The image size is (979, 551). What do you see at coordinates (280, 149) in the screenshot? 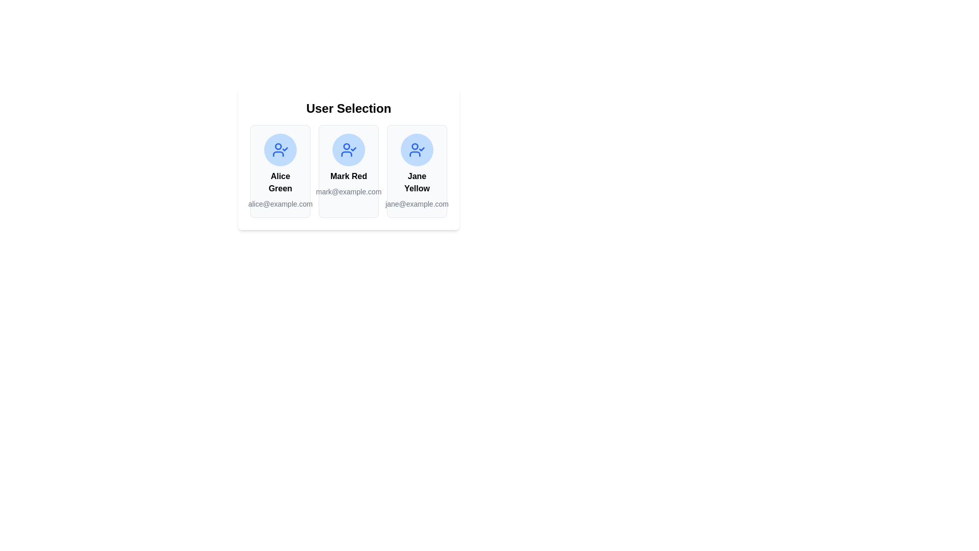
I see `the first circular icon with a light blue background and a check-mark-tick user avatar, positioned above 'Alice Green' and 'alice@example.com'` at bounding box center [280, 149].